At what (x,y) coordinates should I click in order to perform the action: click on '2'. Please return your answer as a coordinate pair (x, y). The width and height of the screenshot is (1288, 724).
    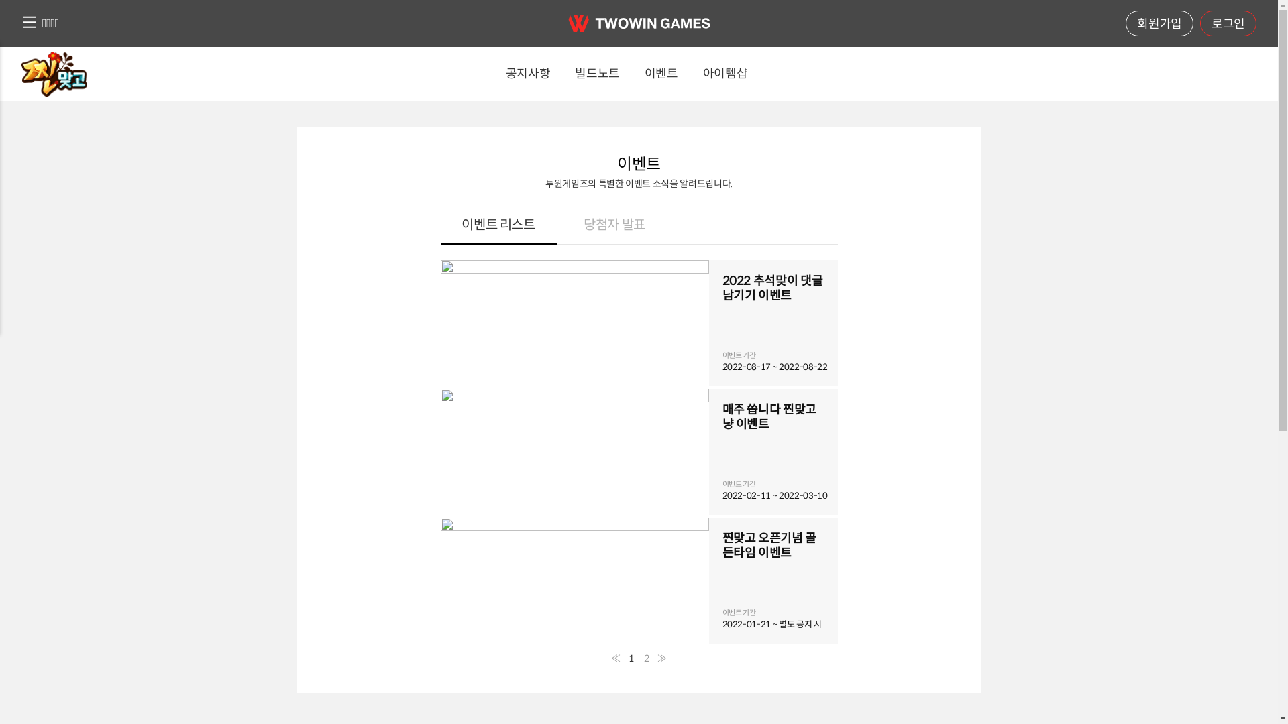
    Looking at the image, I should click on (647, 658).